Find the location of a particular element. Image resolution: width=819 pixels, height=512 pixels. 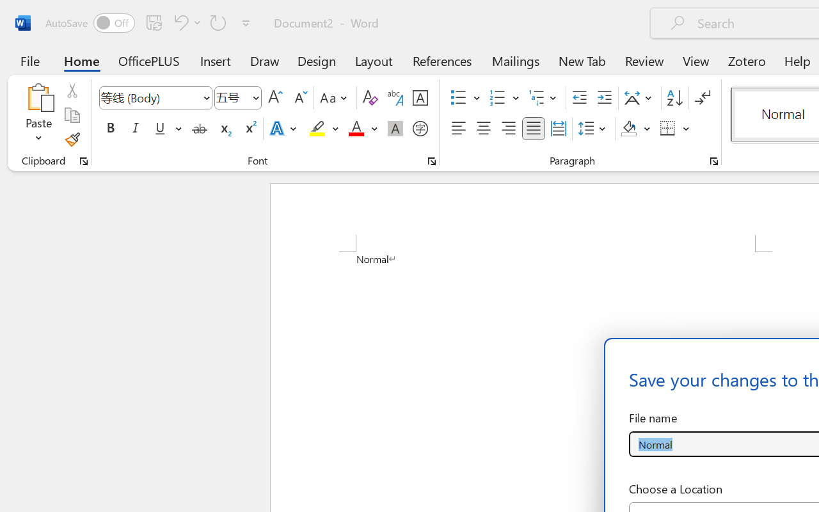

'Numbering' is located at coordinates (497, 98).